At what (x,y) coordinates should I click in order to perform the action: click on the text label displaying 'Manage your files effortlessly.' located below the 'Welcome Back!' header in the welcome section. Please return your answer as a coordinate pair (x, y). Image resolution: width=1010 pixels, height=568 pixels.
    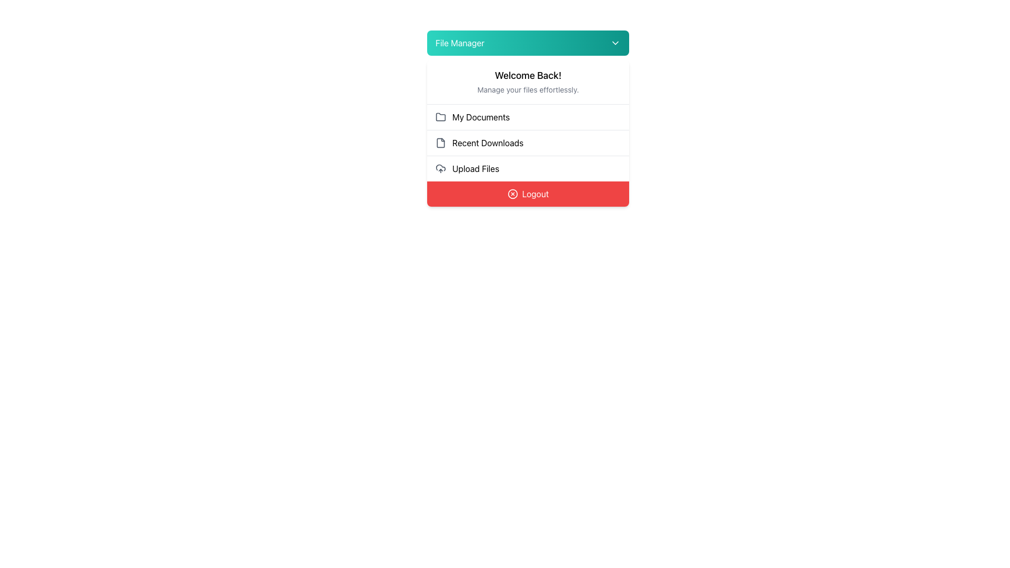
    Looking at the image, I should click on (528, 89).